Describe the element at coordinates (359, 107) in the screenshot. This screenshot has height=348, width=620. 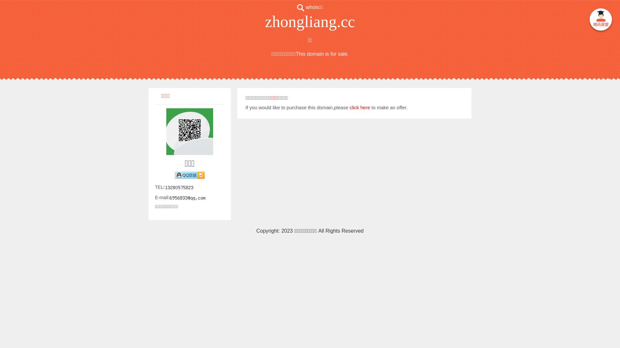
I see `'click here'` at that location.